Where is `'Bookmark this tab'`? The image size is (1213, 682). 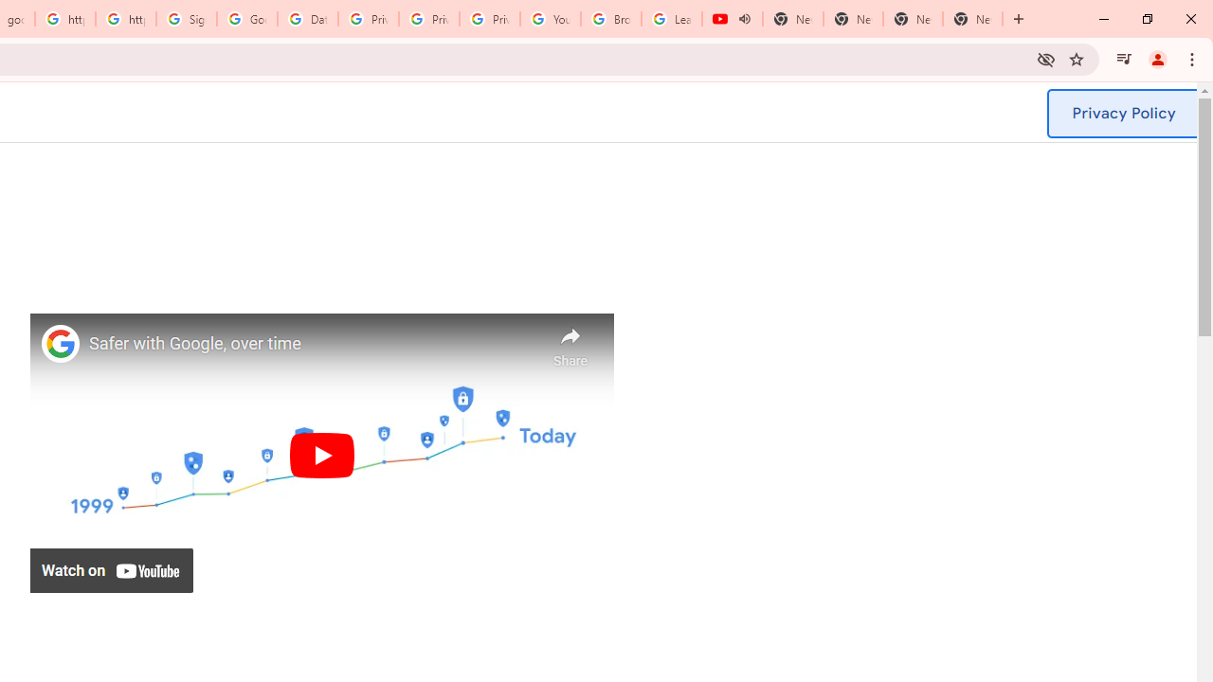 'Bookmark this tab' is located at coordinates (1077, 58).